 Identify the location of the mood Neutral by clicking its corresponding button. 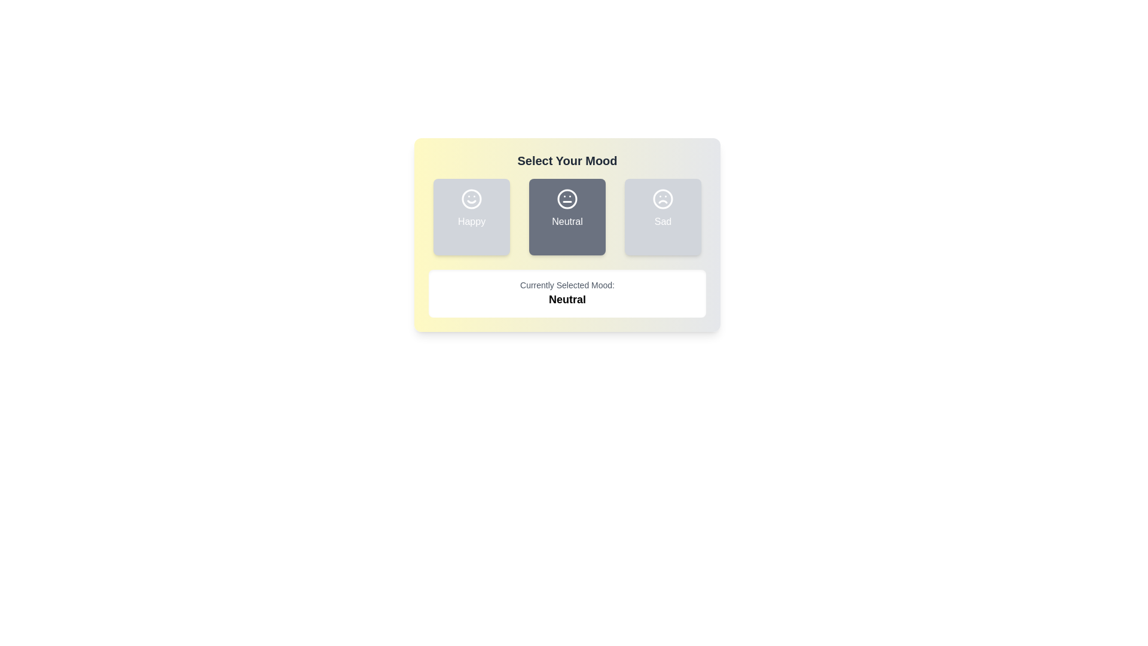
(567, 217).